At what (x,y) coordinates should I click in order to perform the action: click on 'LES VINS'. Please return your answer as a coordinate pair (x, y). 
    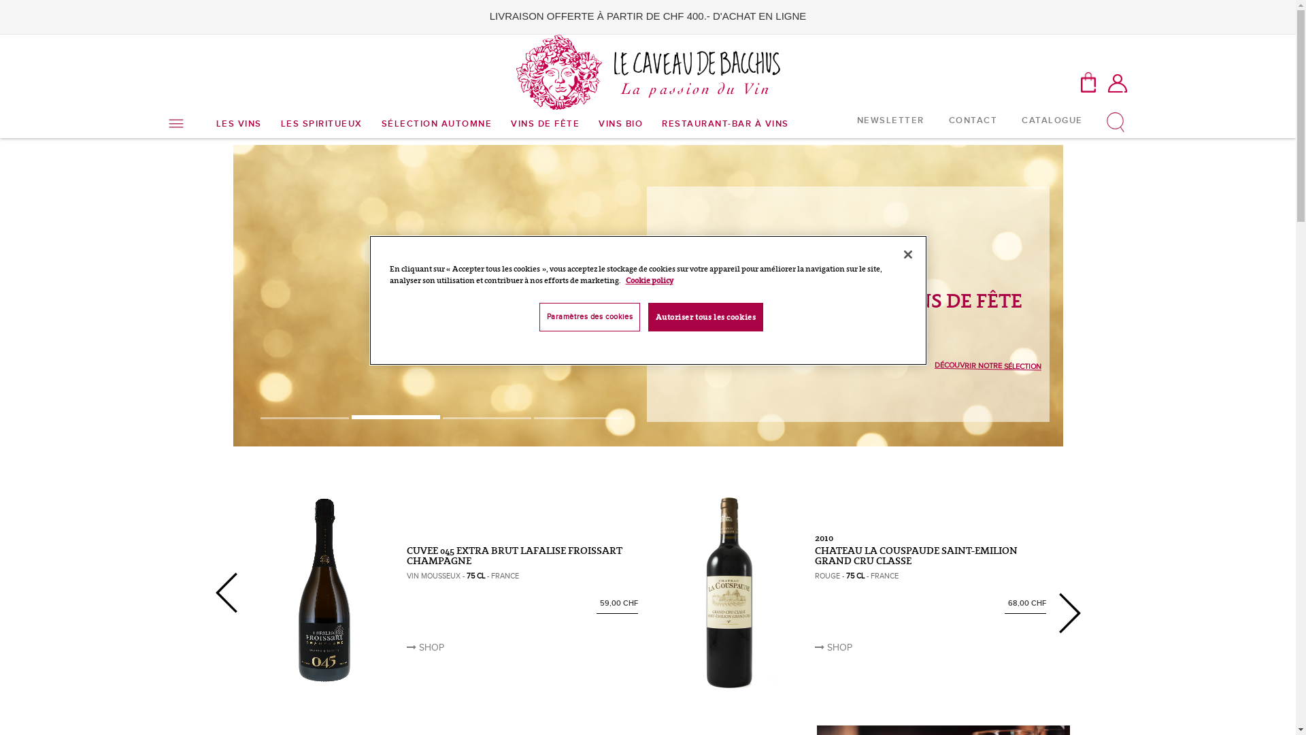
    Looking at the image, I should click on (239, 123).